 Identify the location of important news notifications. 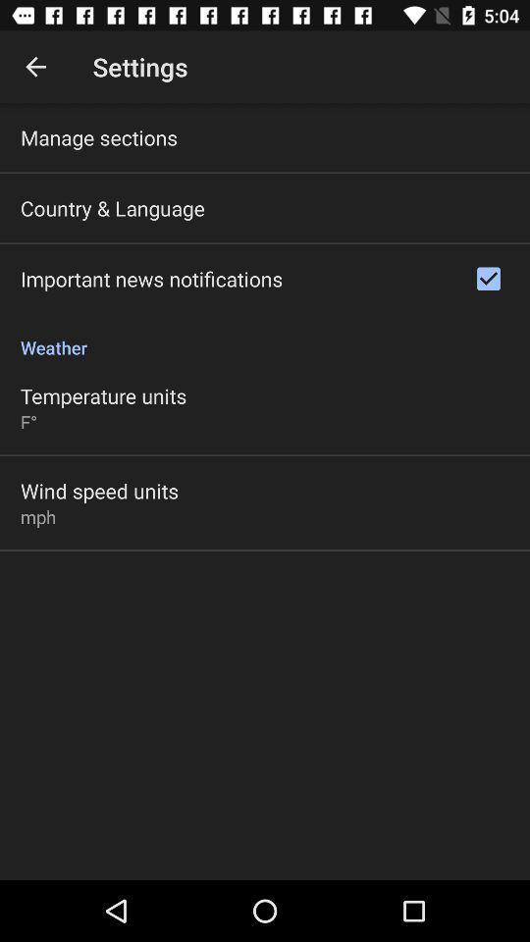
(150, 278).